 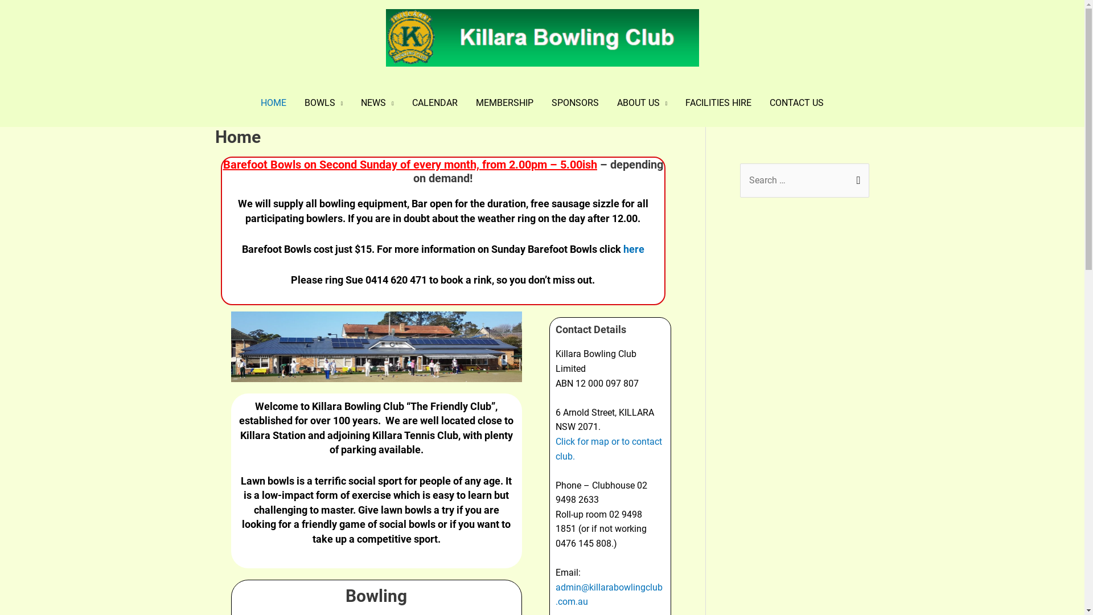 What do you see at coordinates (608, 448) in the screenshot?
I see `'Click for map or to contact club.'` at bounding box center [608, 448].